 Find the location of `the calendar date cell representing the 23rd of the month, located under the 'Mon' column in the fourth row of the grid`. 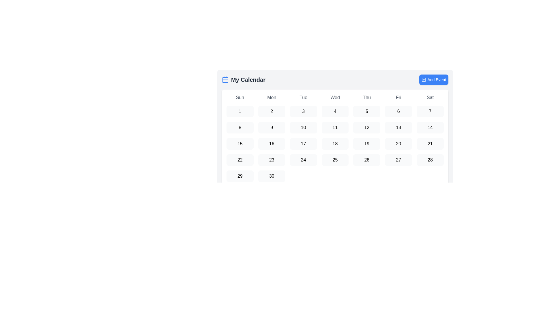

the calendar date cell representing the 23rd of the month, located under the 'Mon' column in the fourth row of the grid is located at coordinates (271, 160).